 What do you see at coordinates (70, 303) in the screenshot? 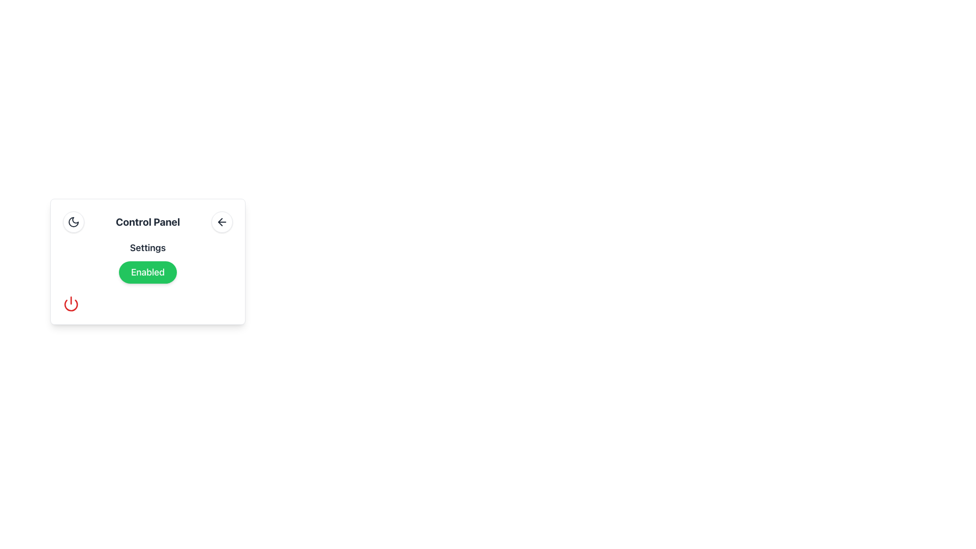
I see `the power control icon button located in the lower left corner of the rectangular control panel` at bounding box center [70, 303].